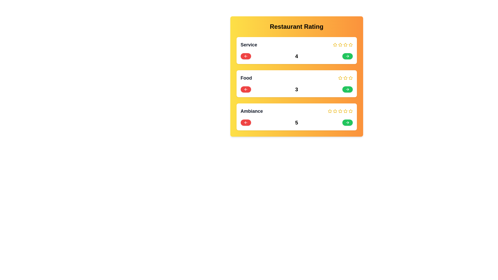  I want to click on the fifth star-shaped icon in the 'Ambiance' rating row, which is colored yellow and represents a rating system, so click(345, 111).